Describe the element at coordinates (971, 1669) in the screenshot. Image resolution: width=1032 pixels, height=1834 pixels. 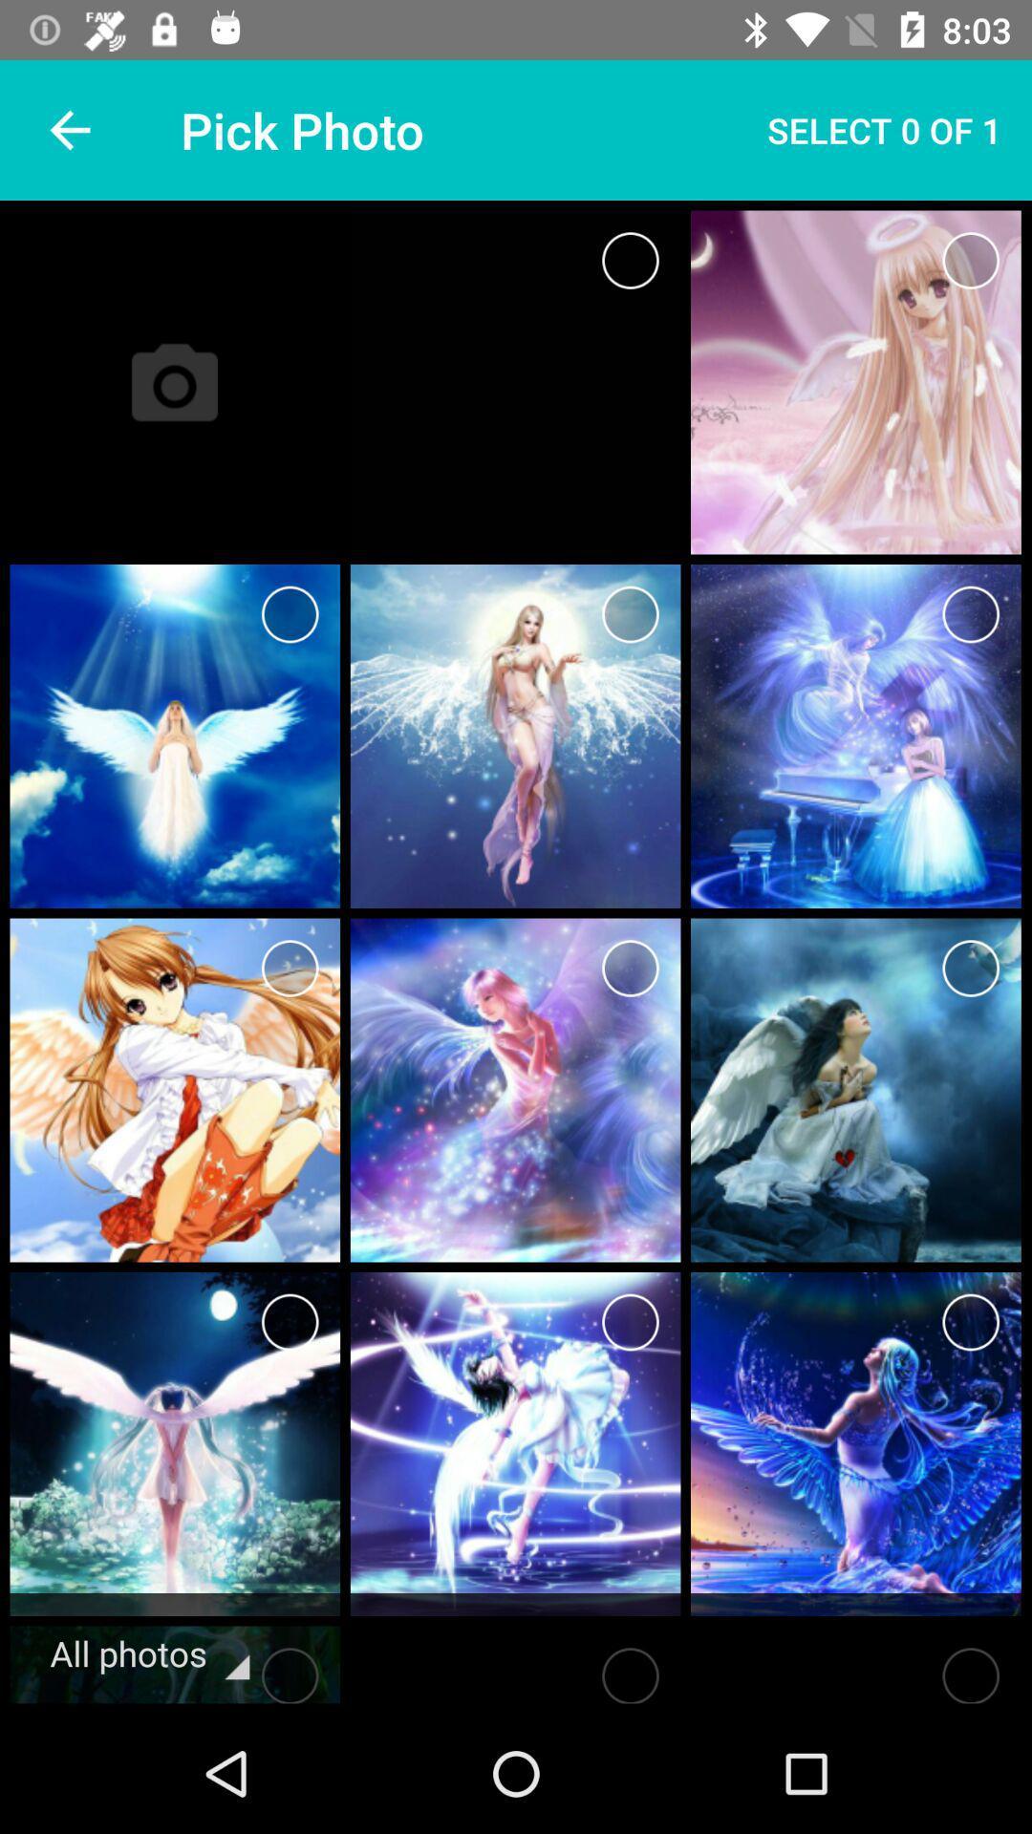
I see `choose picture` at that location.